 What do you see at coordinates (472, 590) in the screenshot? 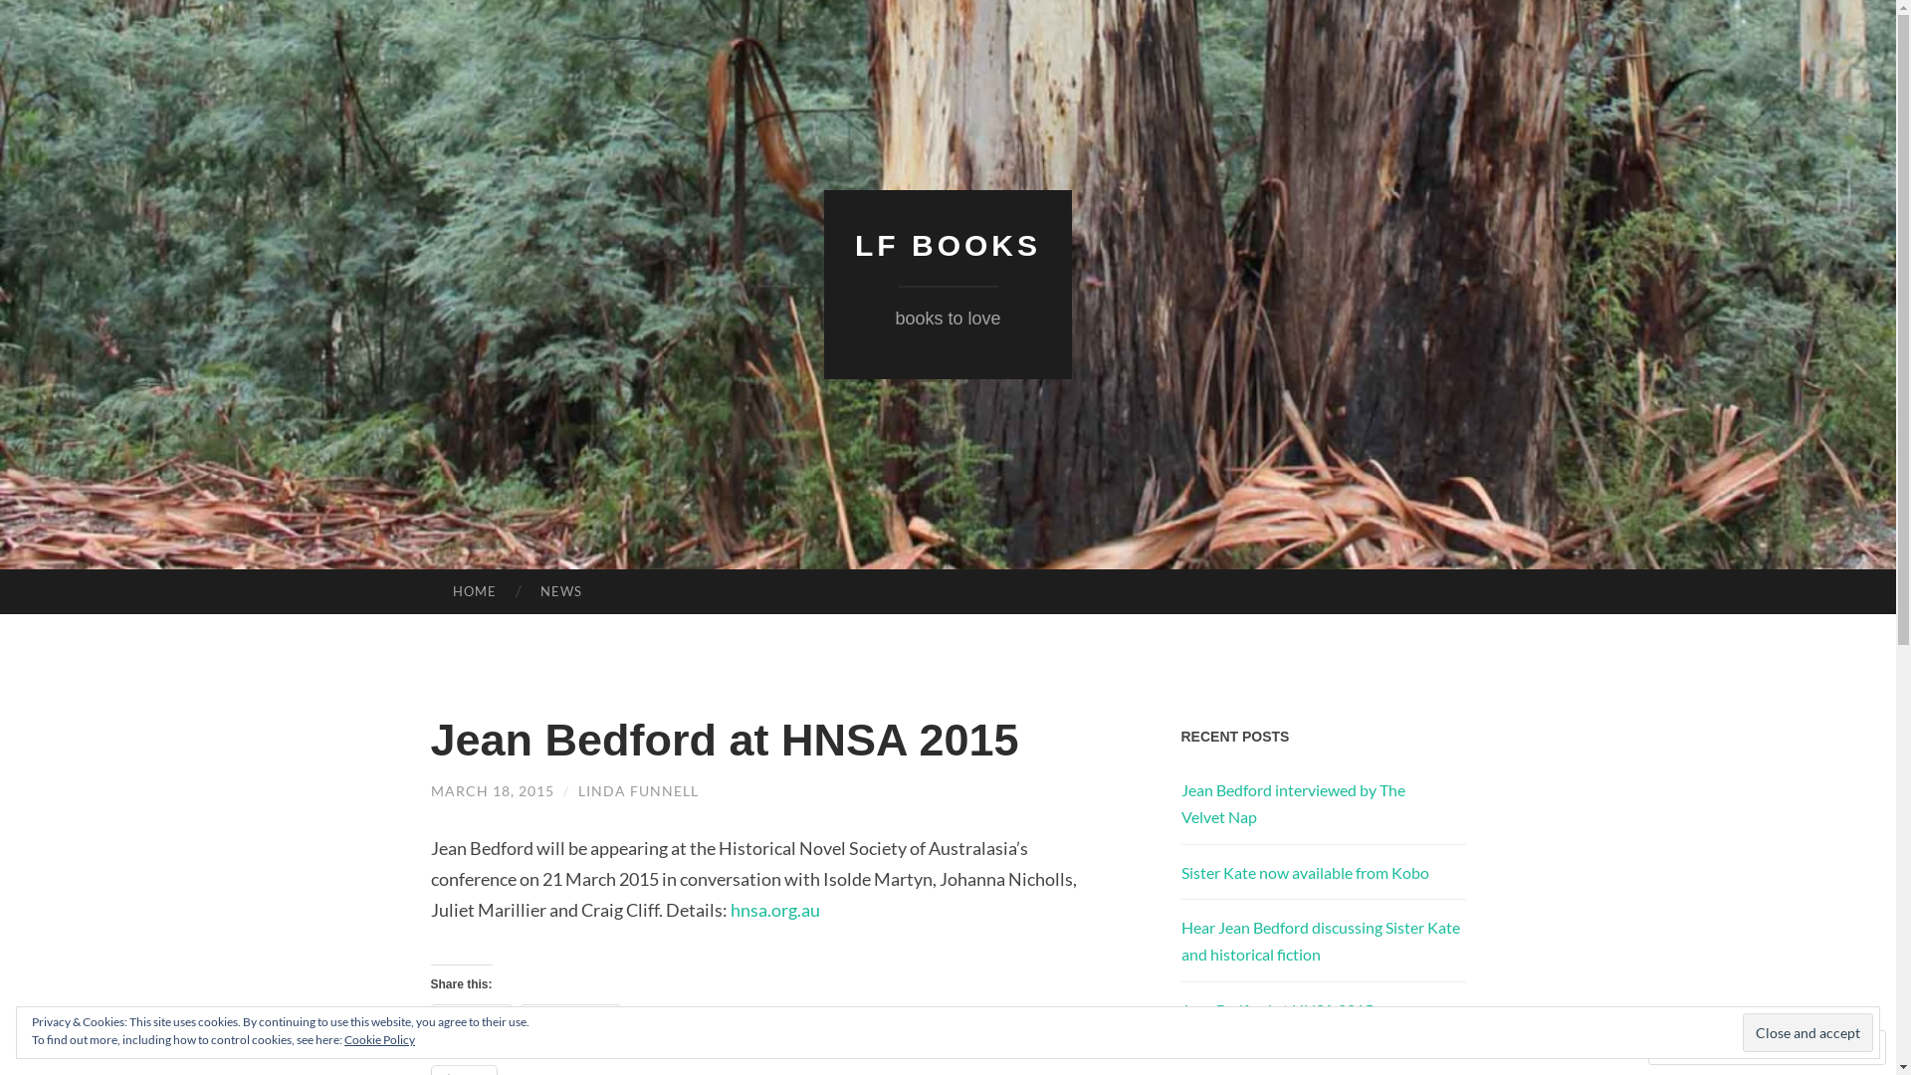
I see `'HOME'` at bounding box center [472, 590].